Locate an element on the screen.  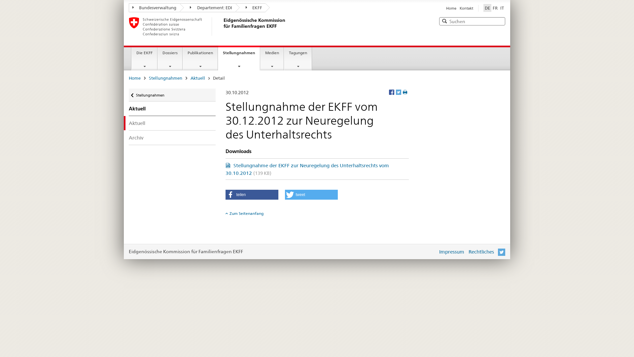
'tweet' is located at coordinates (310, 194).